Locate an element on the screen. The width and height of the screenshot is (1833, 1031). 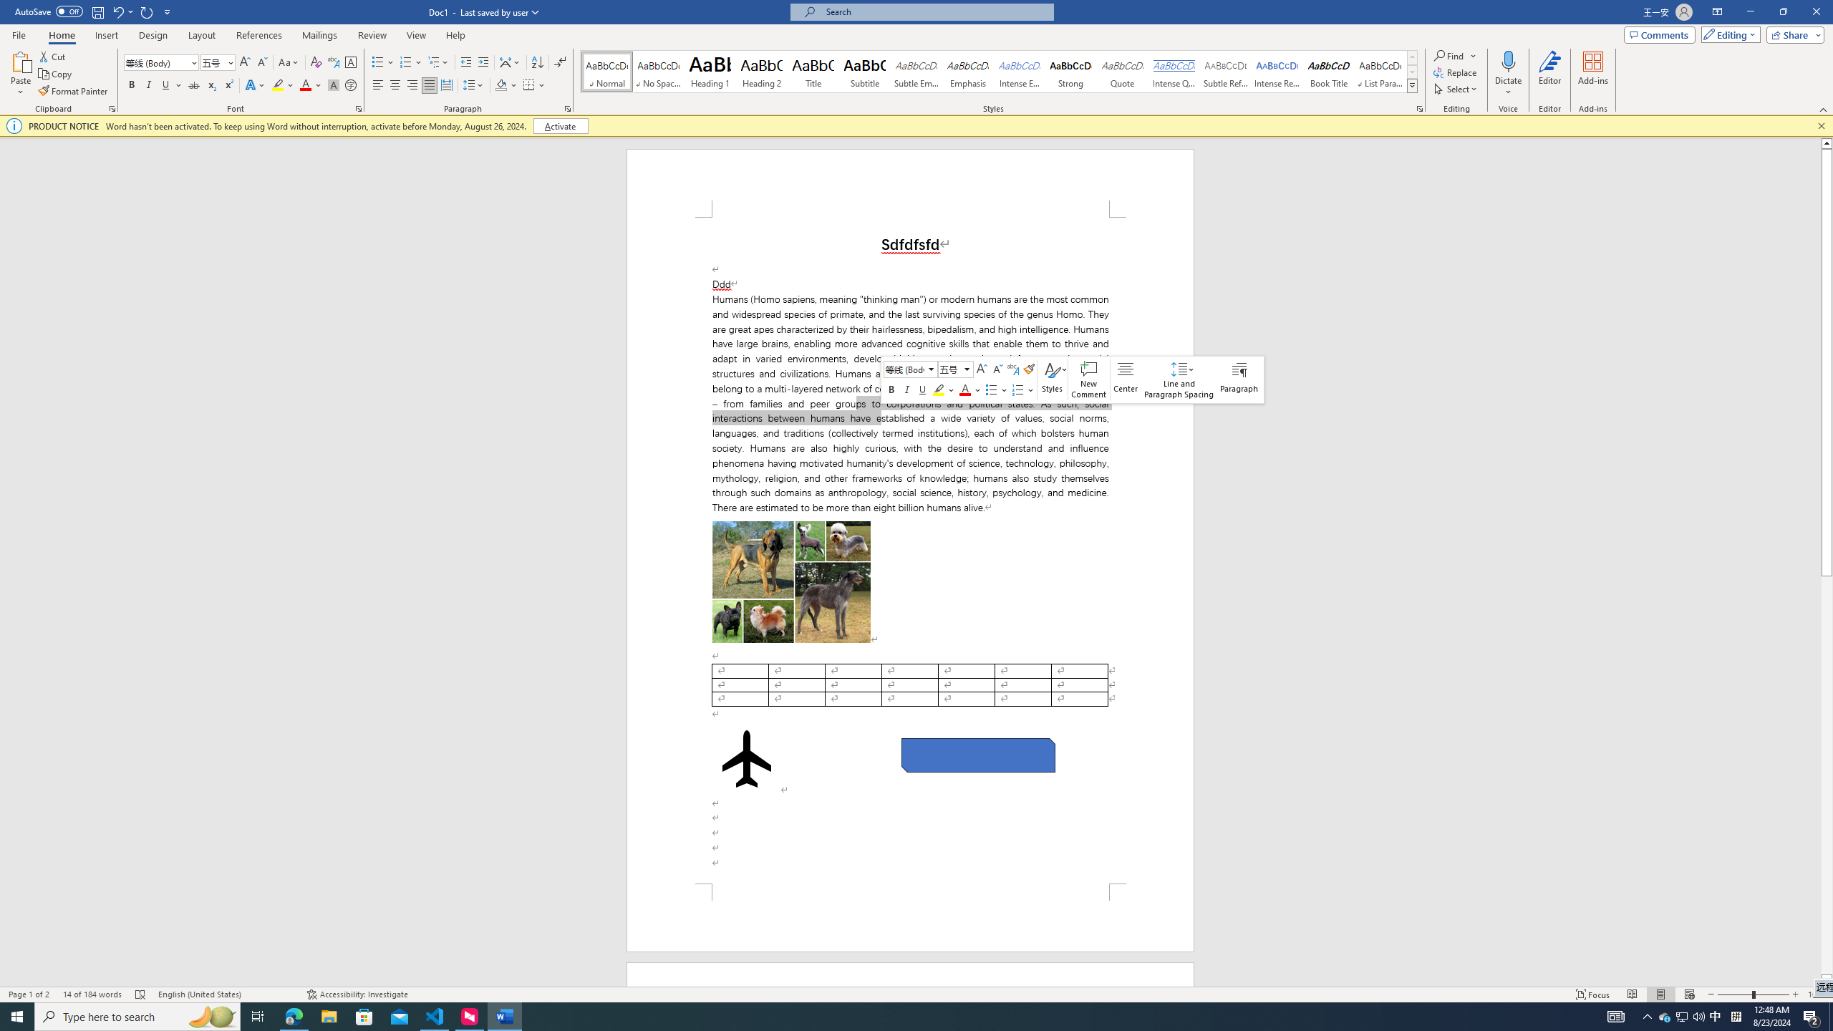
'Page Number Page 1 of 2' is located at coordinates (29, 994).